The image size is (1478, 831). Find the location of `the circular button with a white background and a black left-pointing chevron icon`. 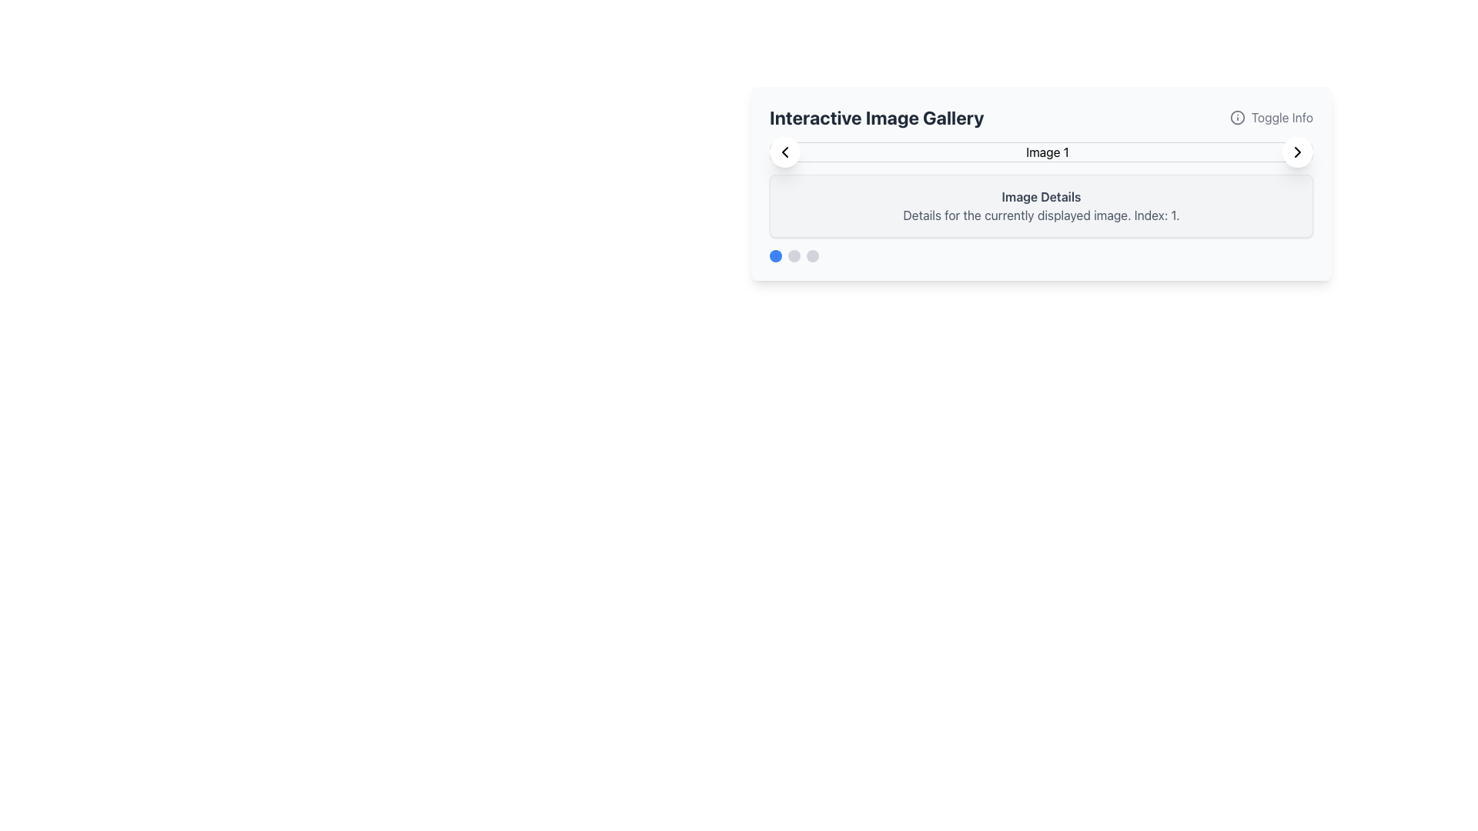

the circular button with a white background and a black left-pointing chevron icon is located at coordinates (784, 152).